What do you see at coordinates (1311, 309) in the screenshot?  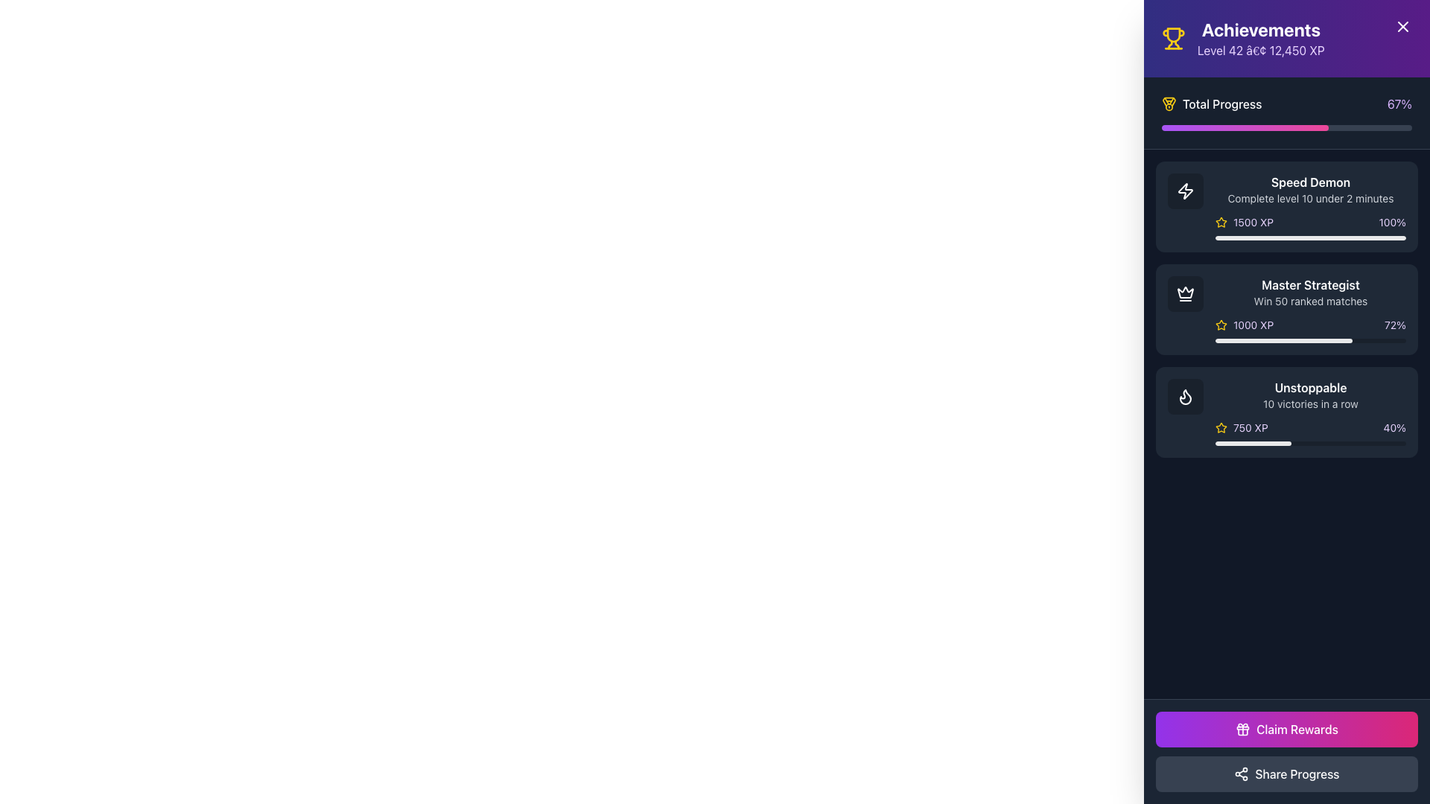 I see `details of the 'Master Strategist' achievement card, which is the second item in the vertical list of achievements, located centrally on the right-hand side of the interface` at bounding box center [1311, 309].